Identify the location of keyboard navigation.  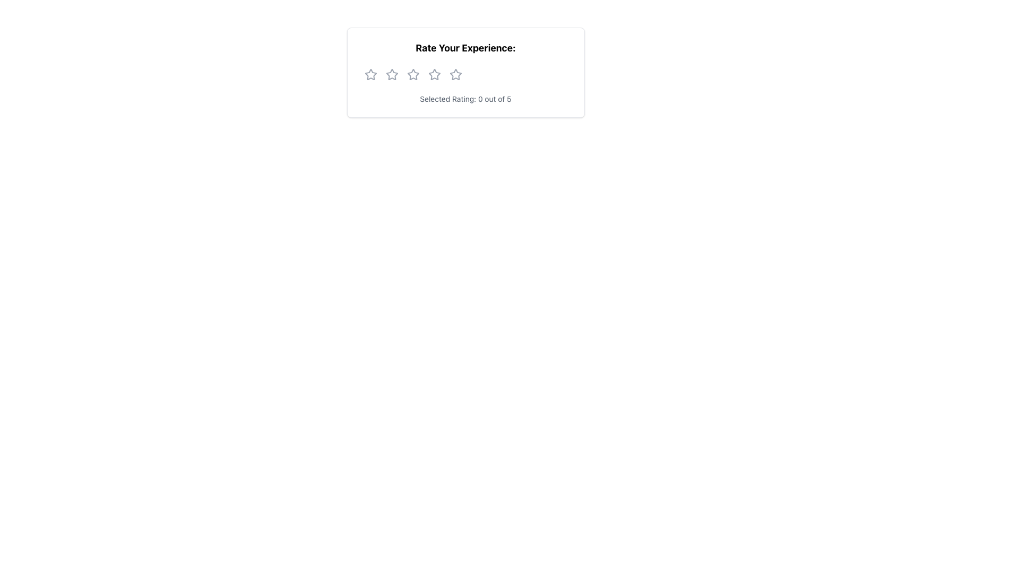
(455, 74).